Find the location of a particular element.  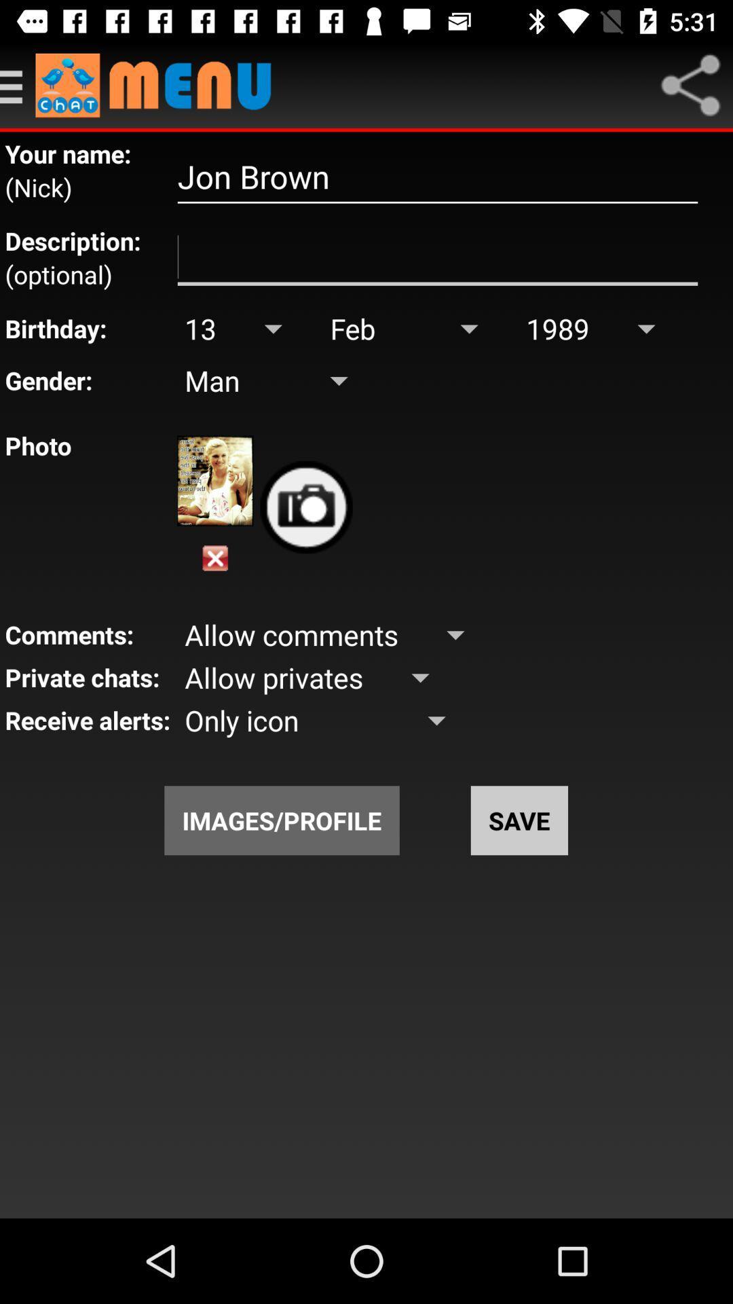

the share icon is located at coordinates (690, 84).